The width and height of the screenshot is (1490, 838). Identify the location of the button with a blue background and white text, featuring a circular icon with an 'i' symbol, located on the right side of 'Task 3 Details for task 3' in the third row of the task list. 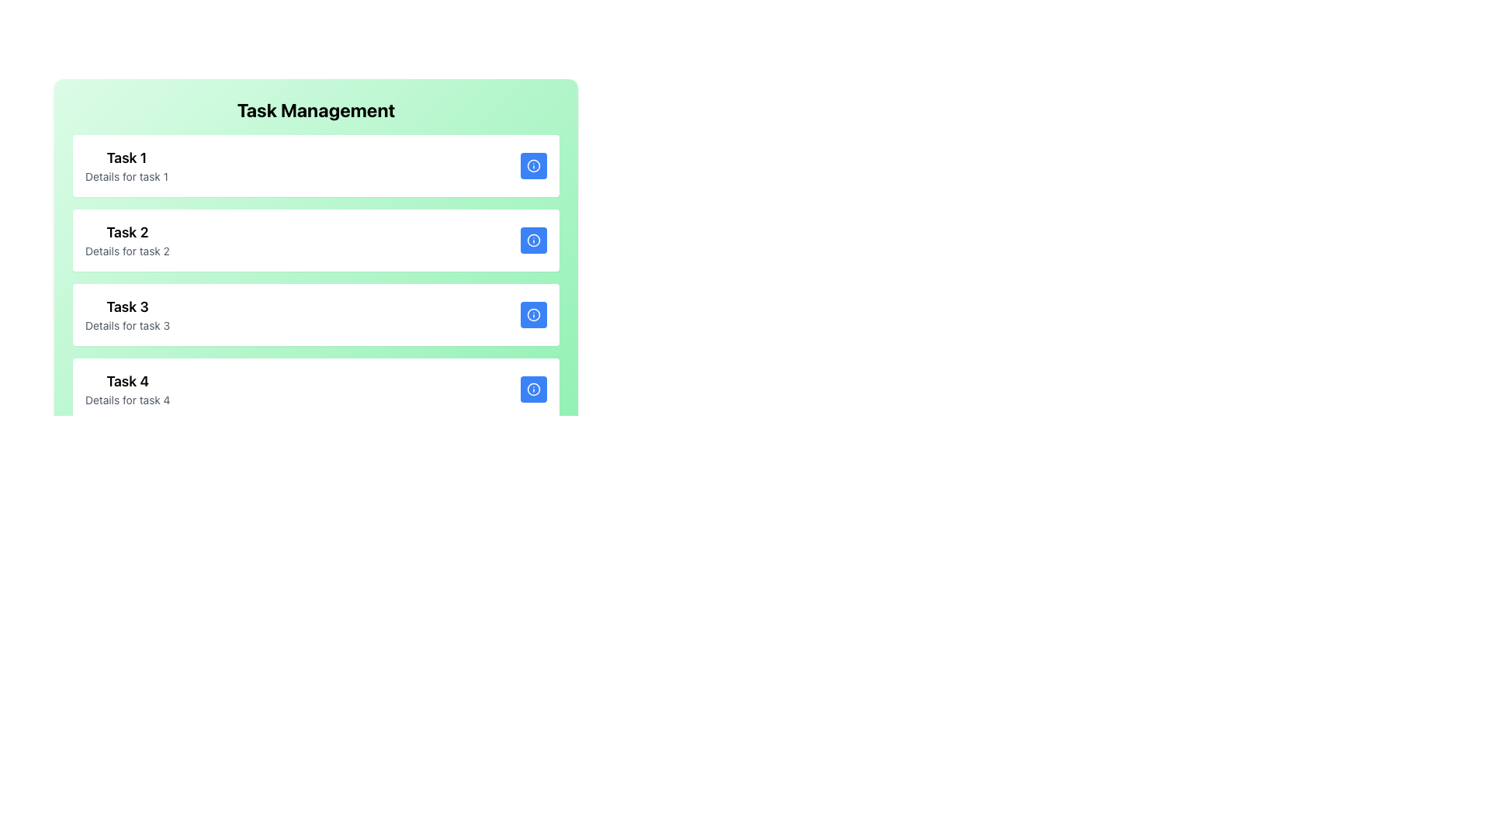
(533, 314).